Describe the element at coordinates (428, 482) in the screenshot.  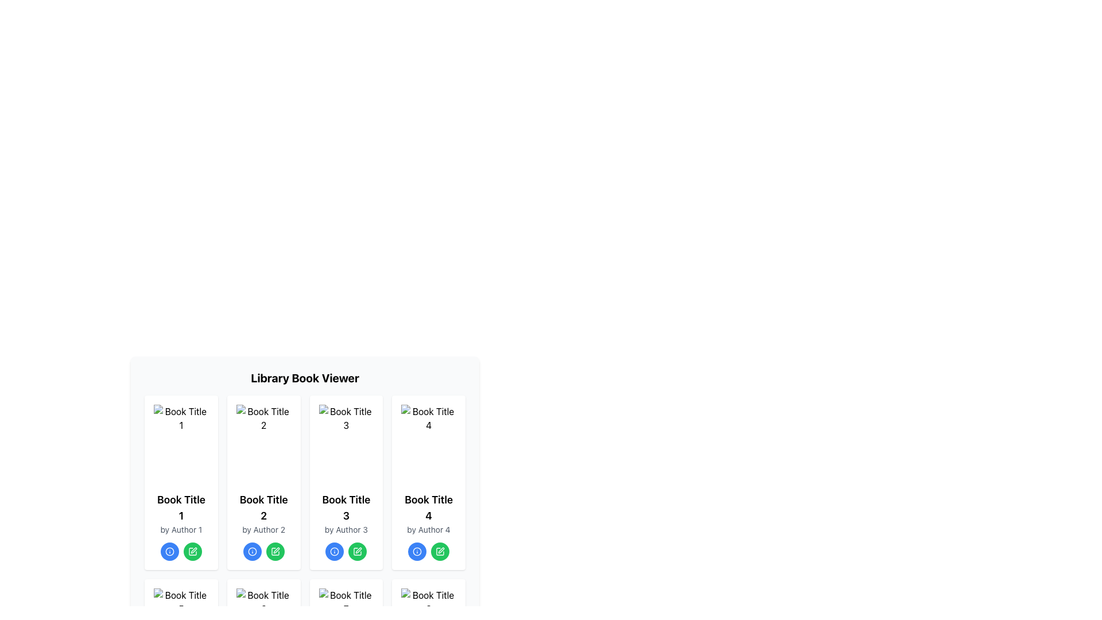
I see `the green button` at that location.